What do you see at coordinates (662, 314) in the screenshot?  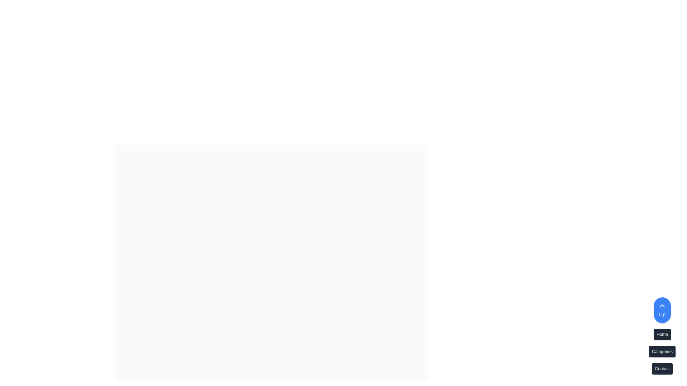 I see `the 'Up' text label within the blue button located at the bottom-right corner of the interface` at bounding box center [662, 314].